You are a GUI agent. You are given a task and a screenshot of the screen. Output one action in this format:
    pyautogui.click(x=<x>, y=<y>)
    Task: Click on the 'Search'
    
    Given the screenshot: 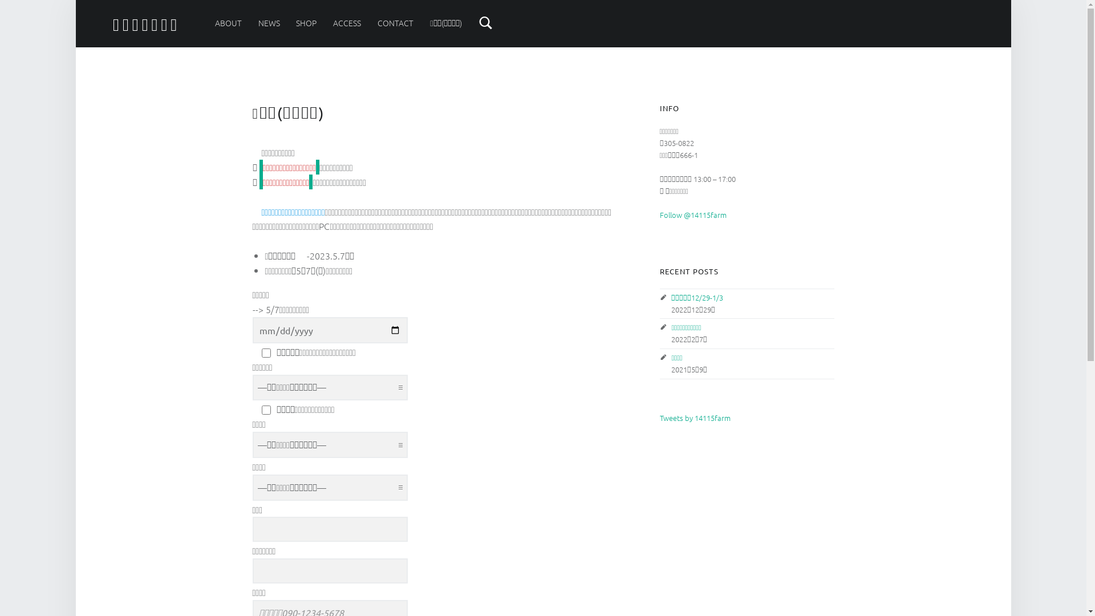 What is the action you would take?
    pyautogui.click(x=485, y=22)
    